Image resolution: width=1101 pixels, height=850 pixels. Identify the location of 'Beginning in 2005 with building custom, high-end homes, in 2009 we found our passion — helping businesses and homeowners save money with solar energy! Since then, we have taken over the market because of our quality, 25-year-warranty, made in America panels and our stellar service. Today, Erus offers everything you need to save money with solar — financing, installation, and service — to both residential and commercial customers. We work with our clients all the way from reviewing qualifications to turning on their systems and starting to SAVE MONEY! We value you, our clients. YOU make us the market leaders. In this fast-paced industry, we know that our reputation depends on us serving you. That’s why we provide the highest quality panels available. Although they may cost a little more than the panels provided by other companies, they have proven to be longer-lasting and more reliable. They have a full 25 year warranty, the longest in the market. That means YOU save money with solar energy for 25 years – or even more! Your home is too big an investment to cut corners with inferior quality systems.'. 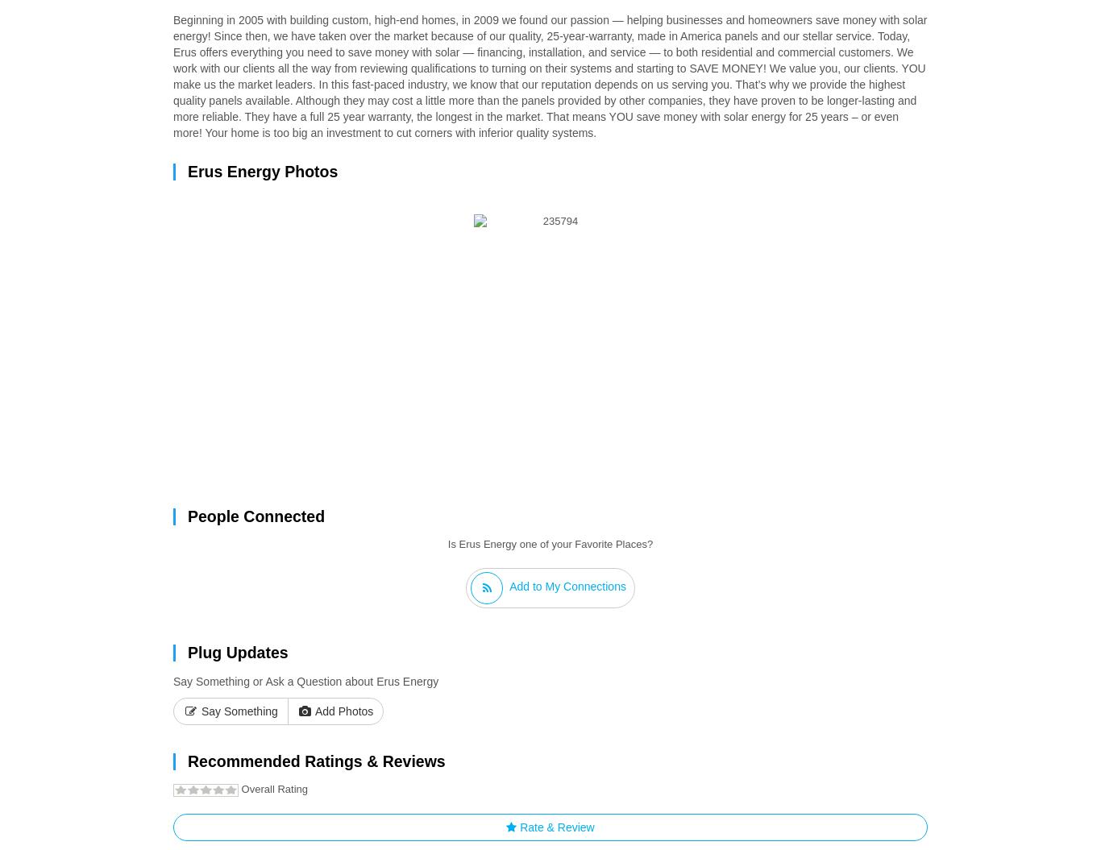
(549, 75).